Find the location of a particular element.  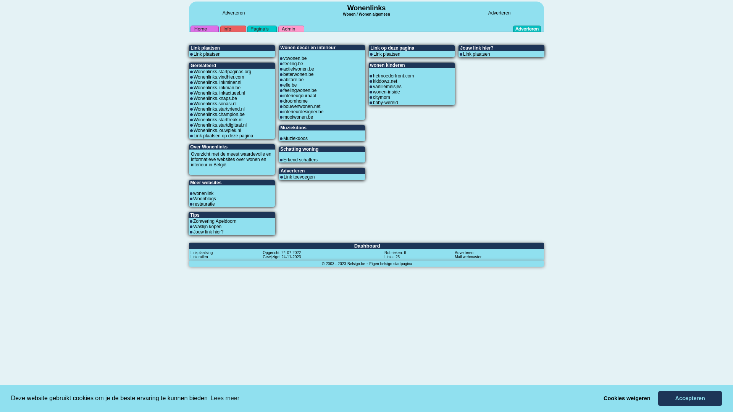

'Mail webmaster' is located at coordinates (467, 256).